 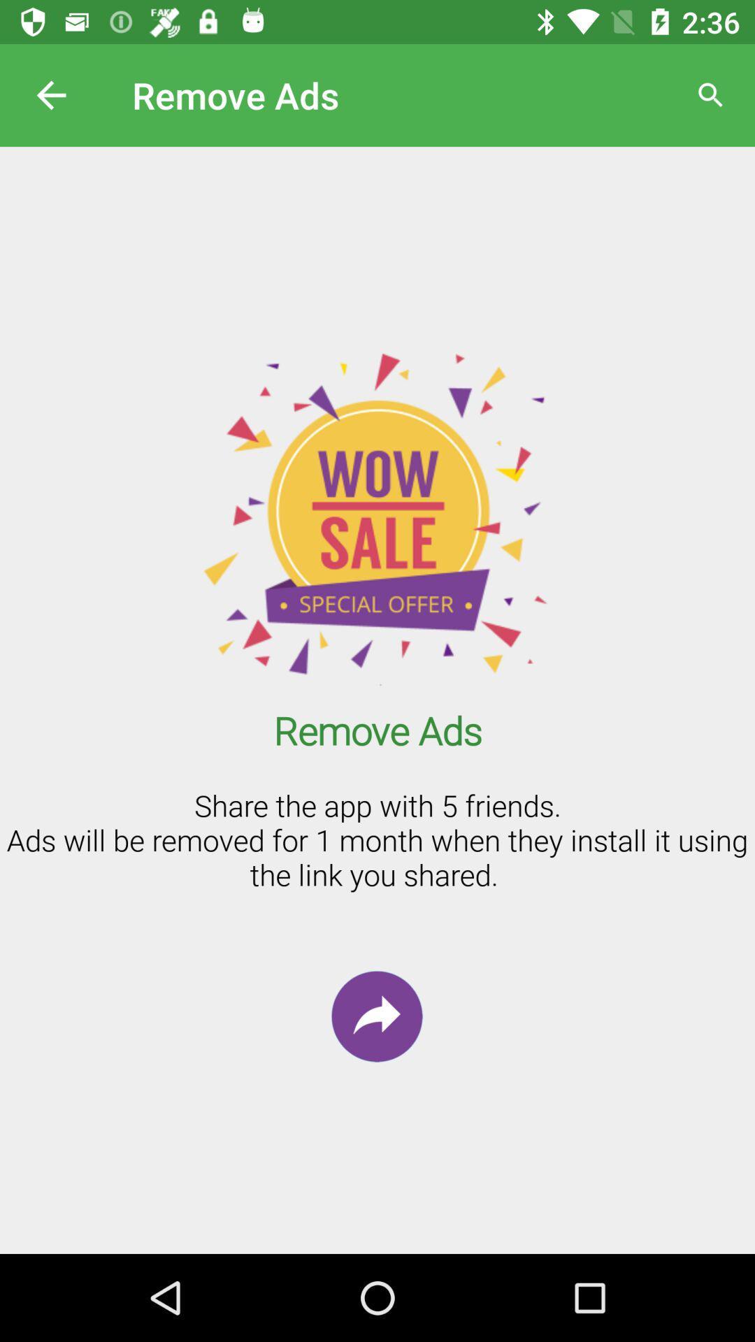 What do you see at coordinates (711, 95) in the screenshot?
I see `the search button at the top right side corner of the page` at bounding box center [711, 95].